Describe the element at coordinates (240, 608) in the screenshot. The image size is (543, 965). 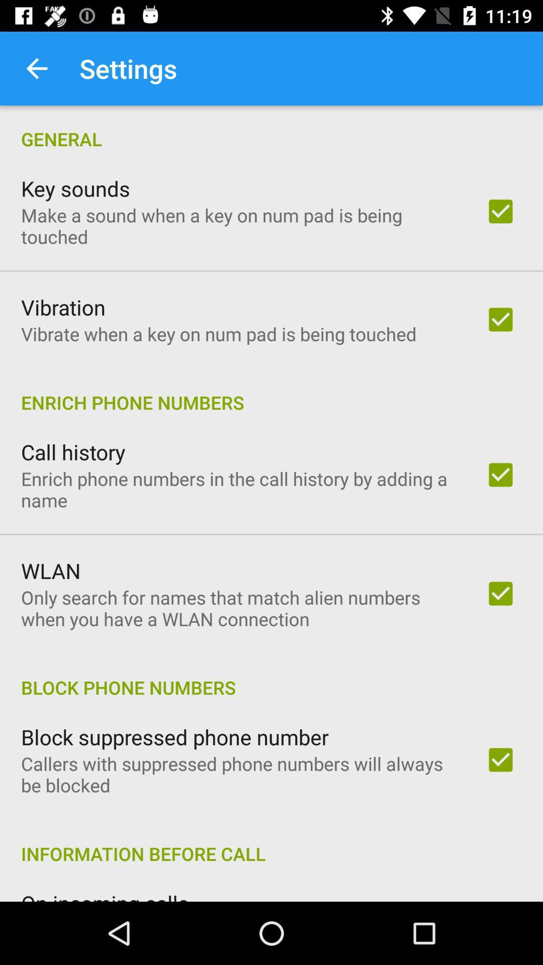
I see `only search for icon` at that location.